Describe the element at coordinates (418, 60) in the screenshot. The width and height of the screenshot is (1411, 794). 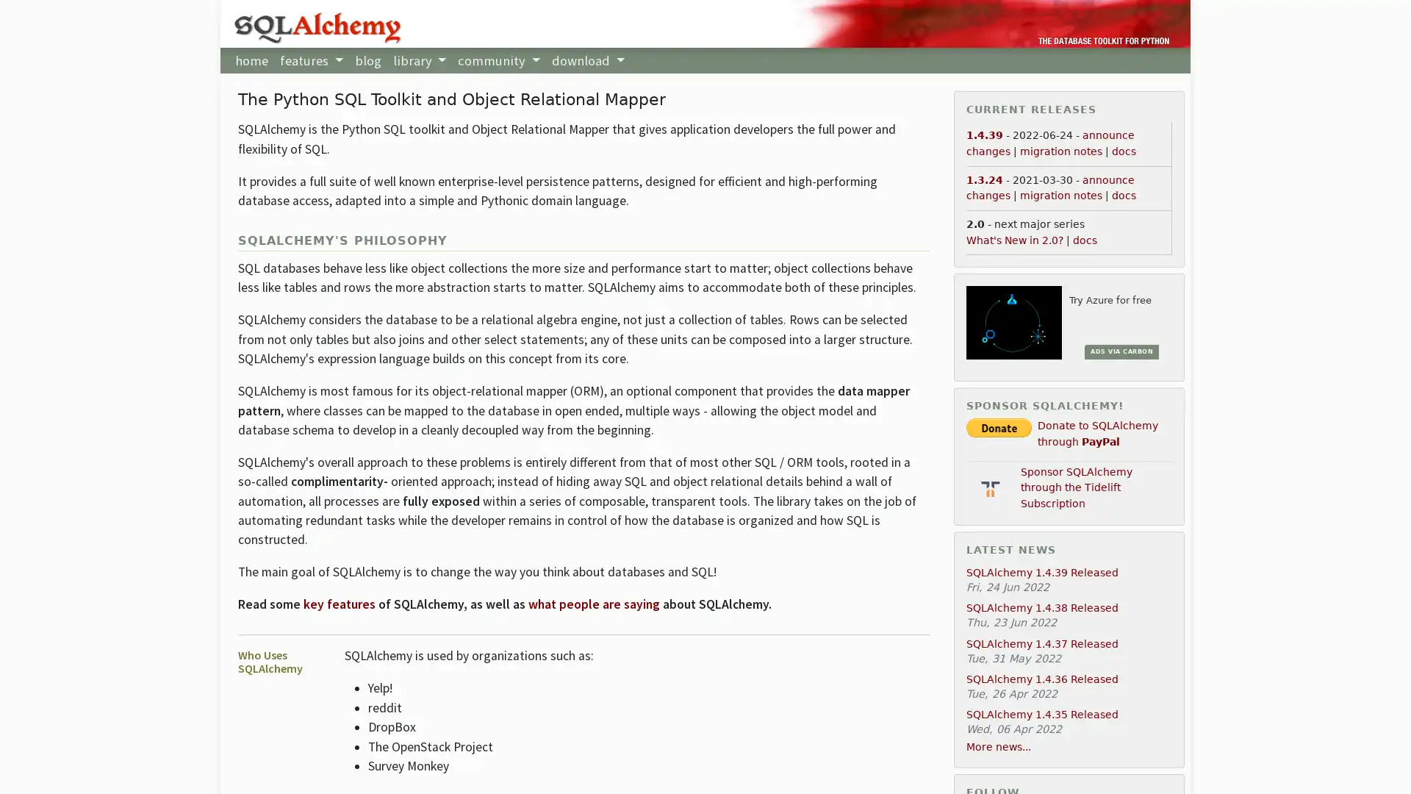
I see `library` at that location.